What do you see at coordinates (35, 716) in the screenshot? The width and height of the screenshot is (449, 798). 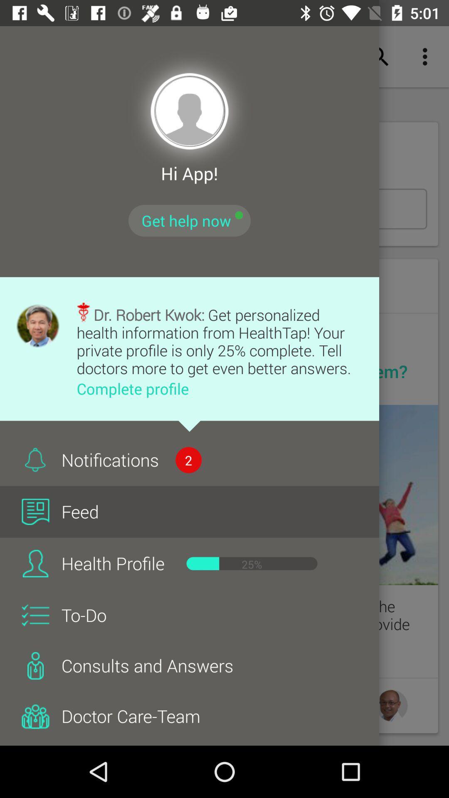 I see `icon left to doctor careteam` at bounding box center [35, 716].